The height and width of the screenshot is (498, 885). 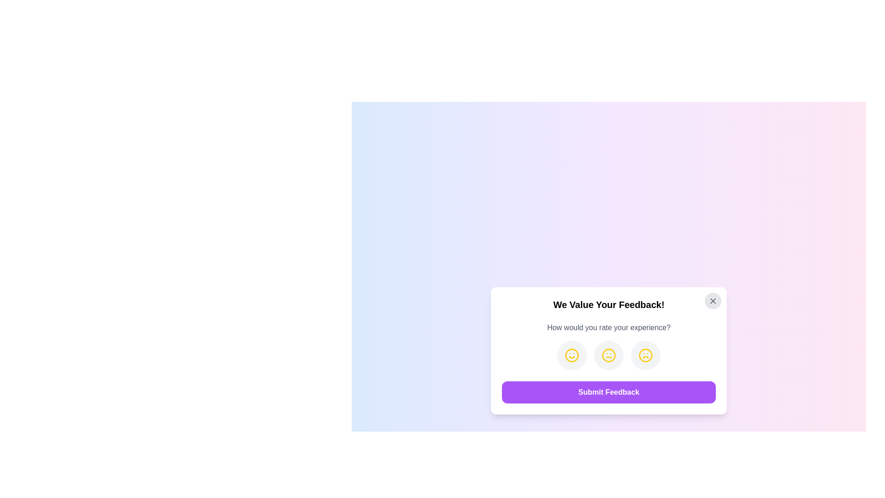 I want to click on the third circular icon button for negative rating, positioned below the feedback prompt 'How would you rate your experience?', so click(x=645, y=355).